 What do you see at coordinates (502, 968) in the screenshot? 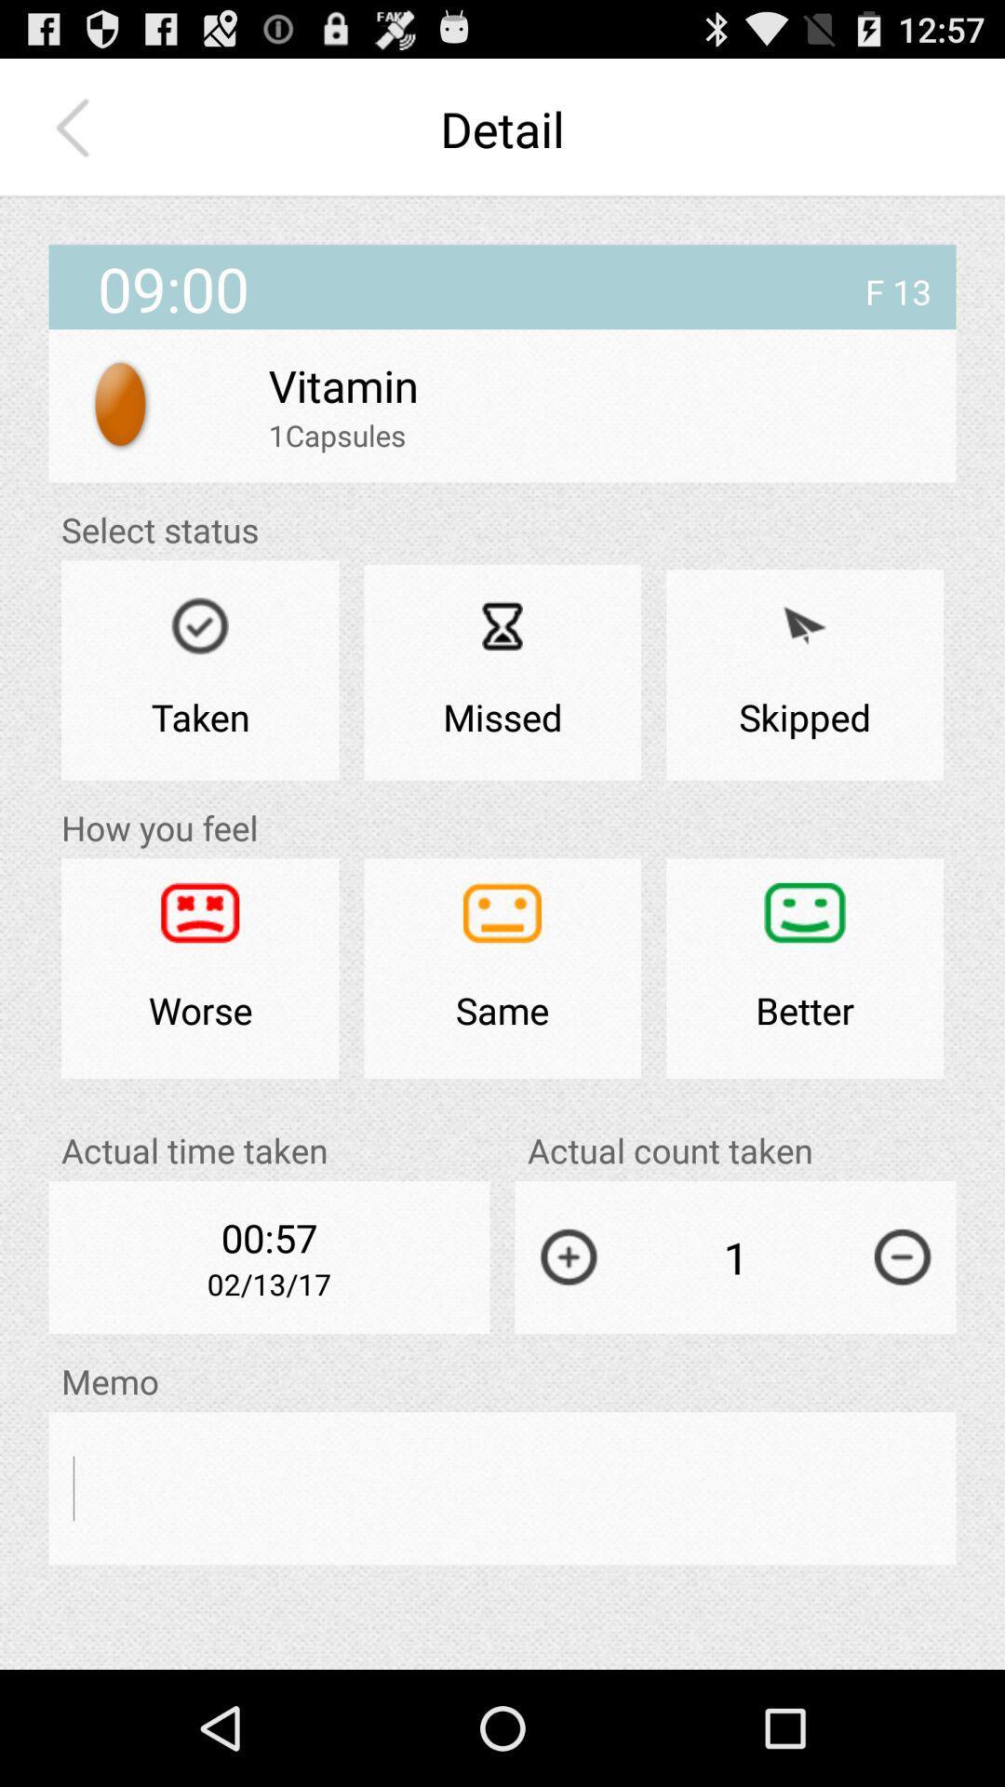
I see `the app below missed` at bounding box center [502, 968].